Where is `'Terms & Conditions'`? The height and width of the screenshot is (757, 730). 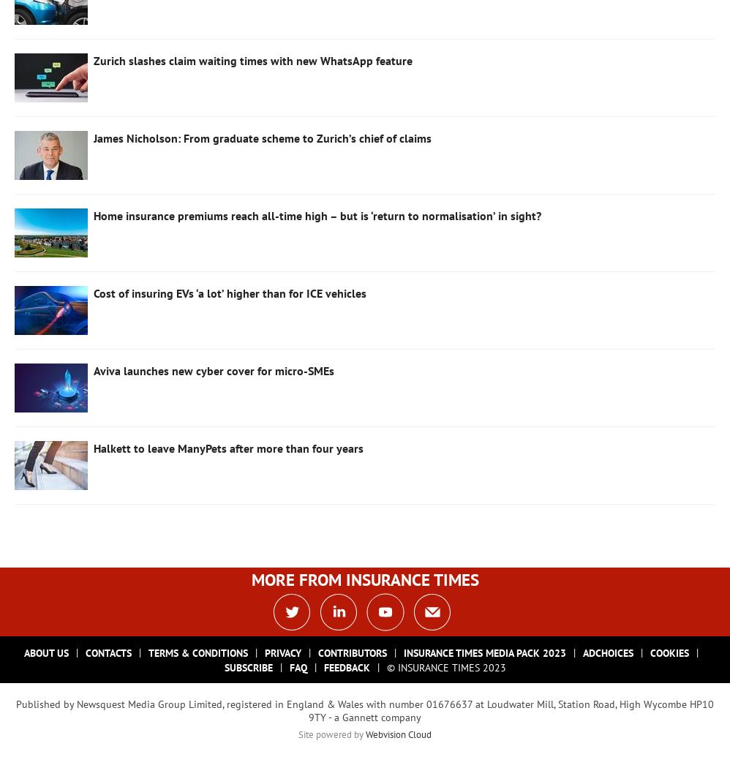
'Terms & Conditions' is located at coordinates (197, 652).